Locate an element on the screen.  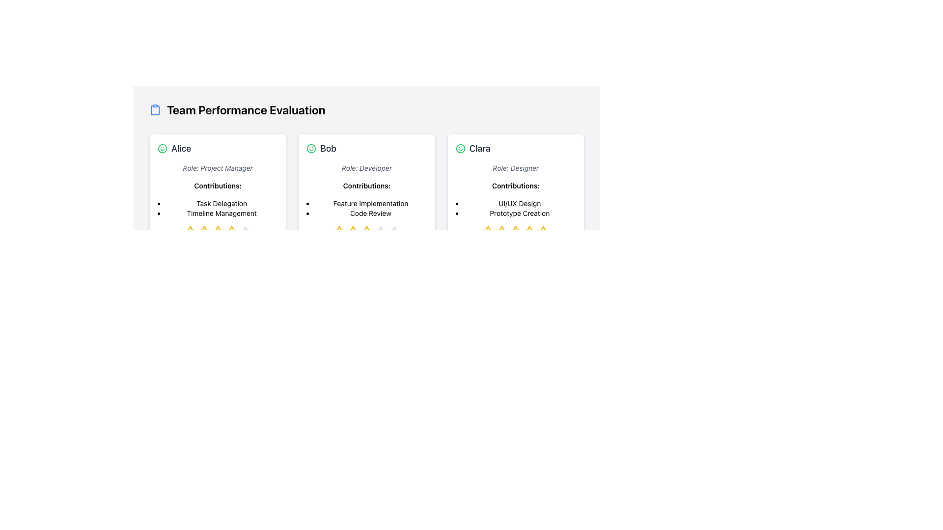
the third star icon in the rating system located below the 'Contributions: Feature Implementation, Code Review' text is located at coordinates (339, 232).